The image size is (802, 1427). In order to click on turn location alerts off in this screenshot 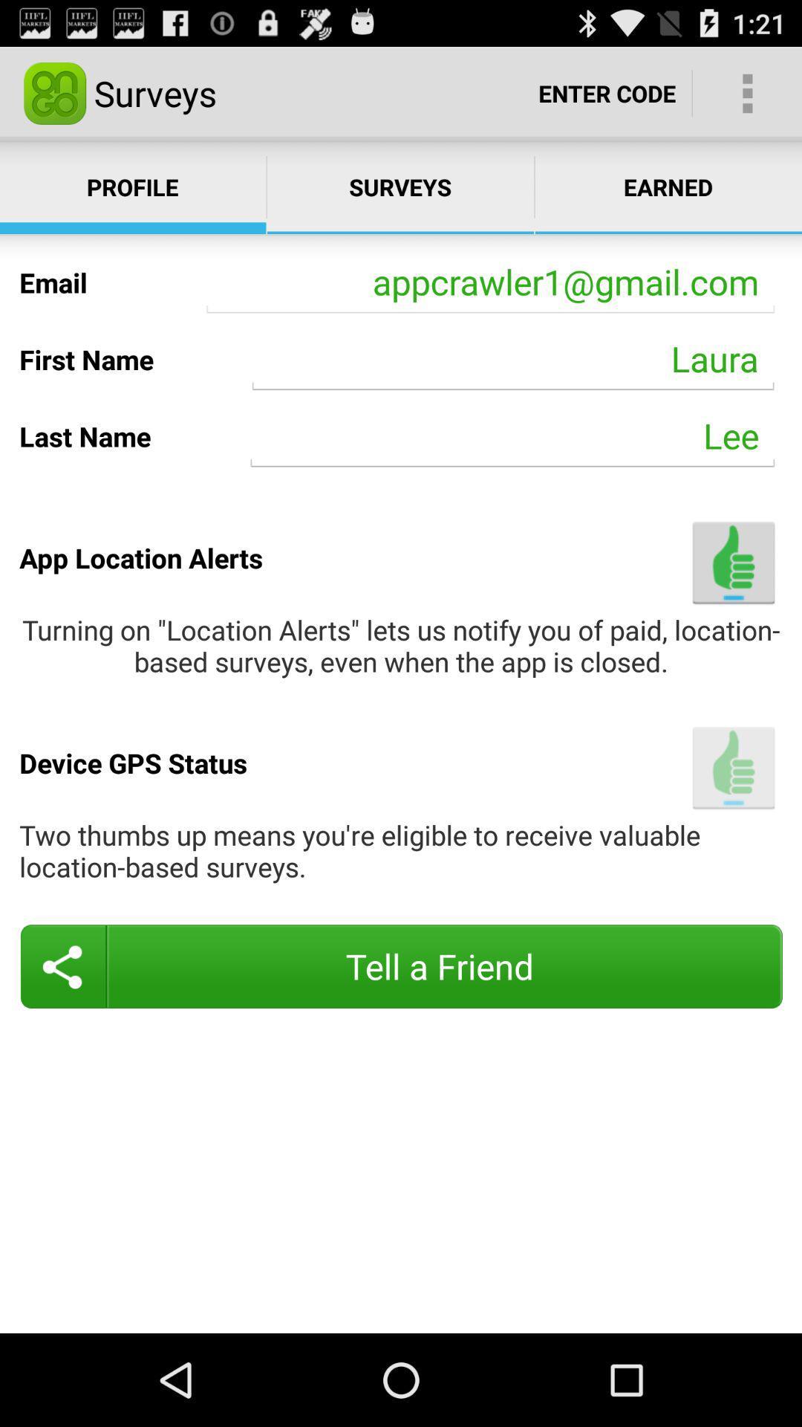, I will do `click(733, 562)`.